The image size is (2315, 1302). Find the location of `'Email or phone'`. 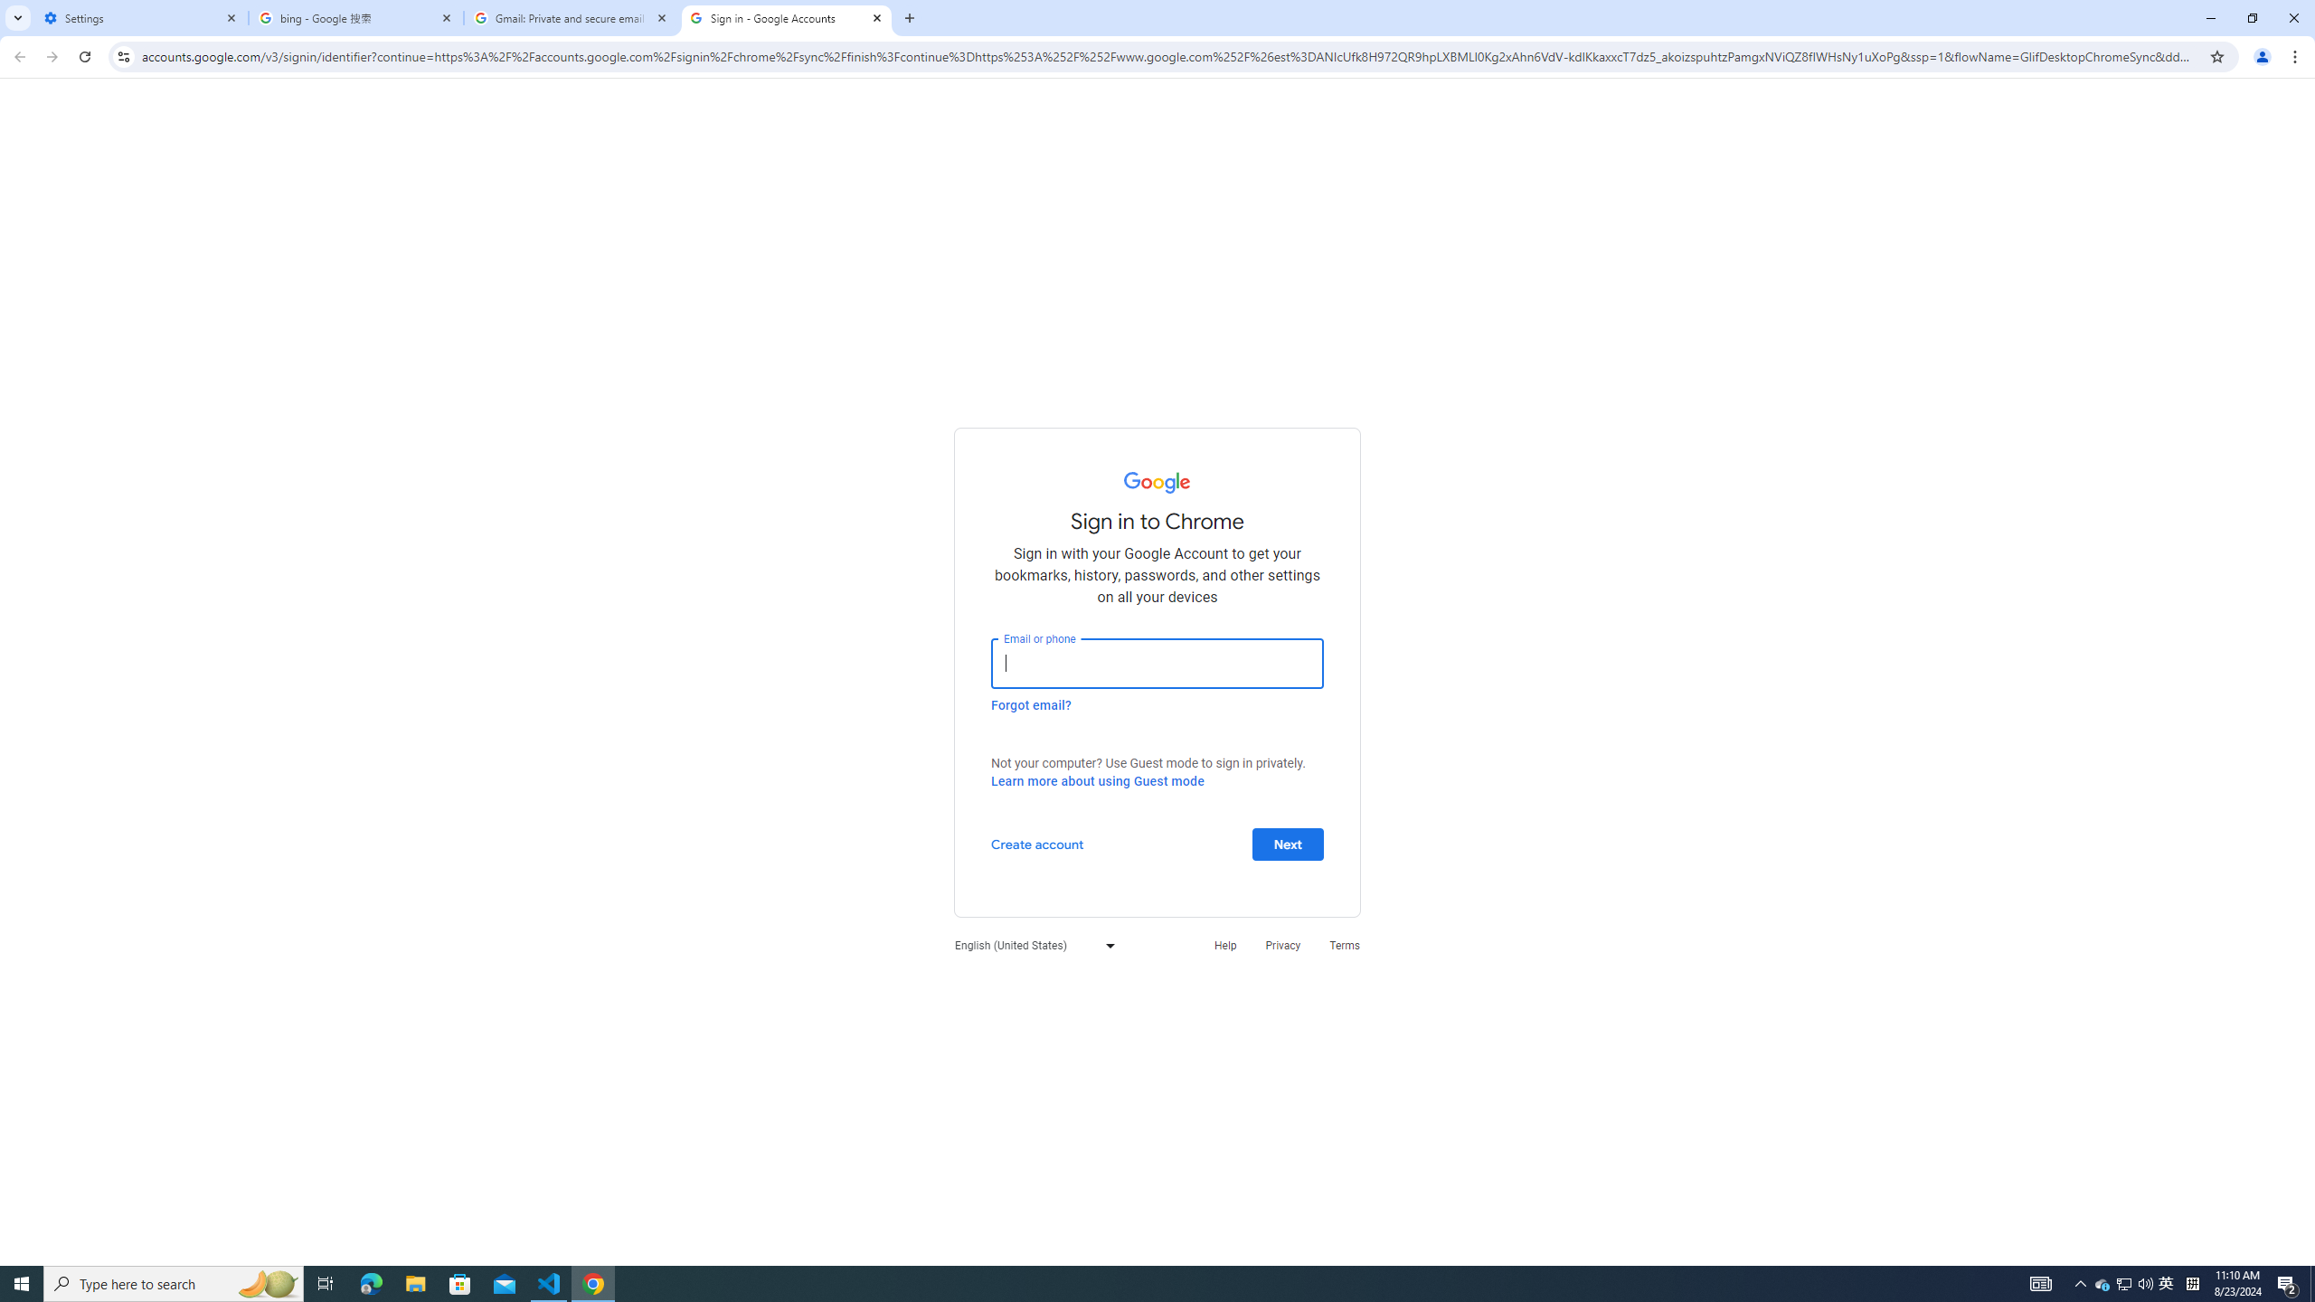

'Email or phone' is located at coordinates (1157, 662).